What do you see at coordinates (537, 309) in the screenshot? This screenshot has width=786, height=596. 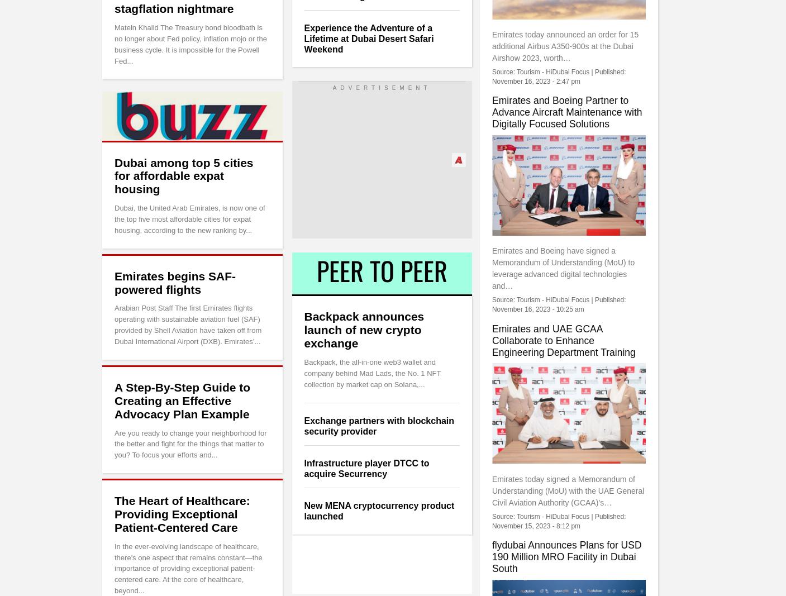 I see `'November 16, 2023 - 10:25 am'` at bounding box center [537, 309].